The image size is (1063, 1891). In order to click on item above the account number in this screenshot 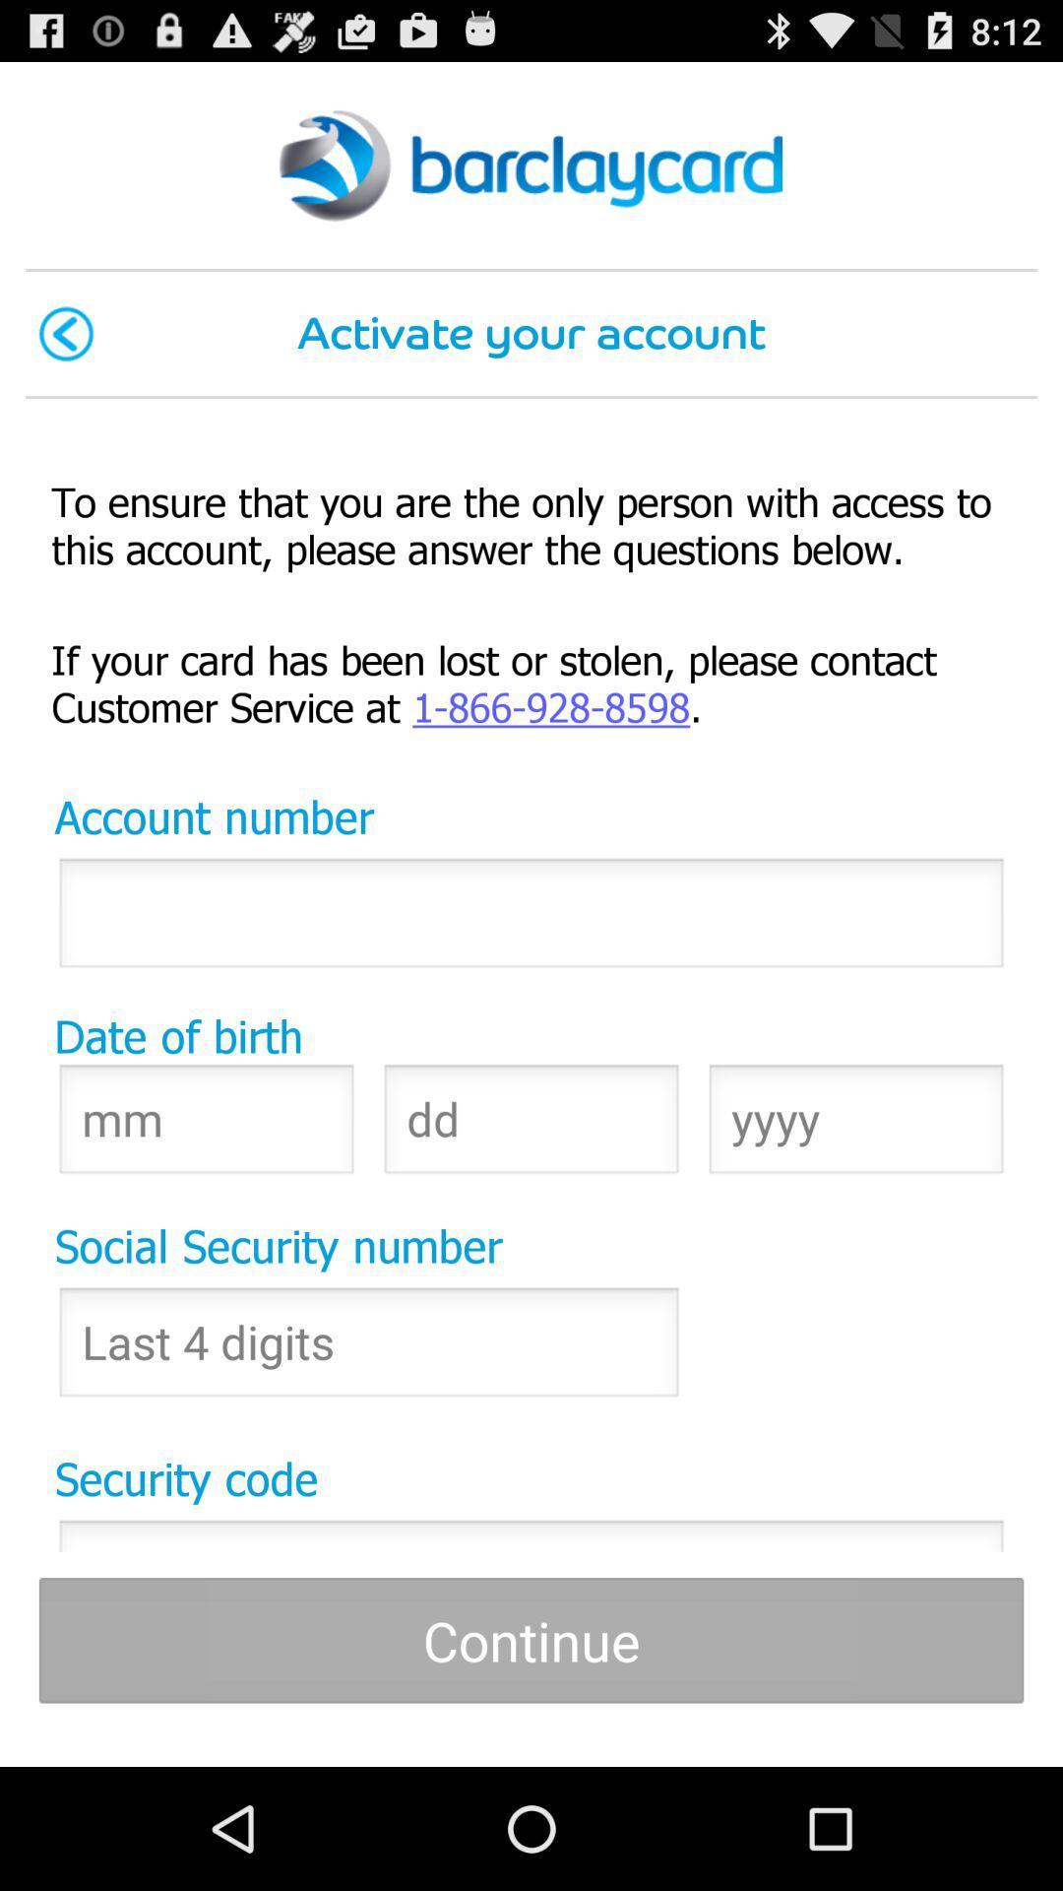, I will do `click(531, 682)`.